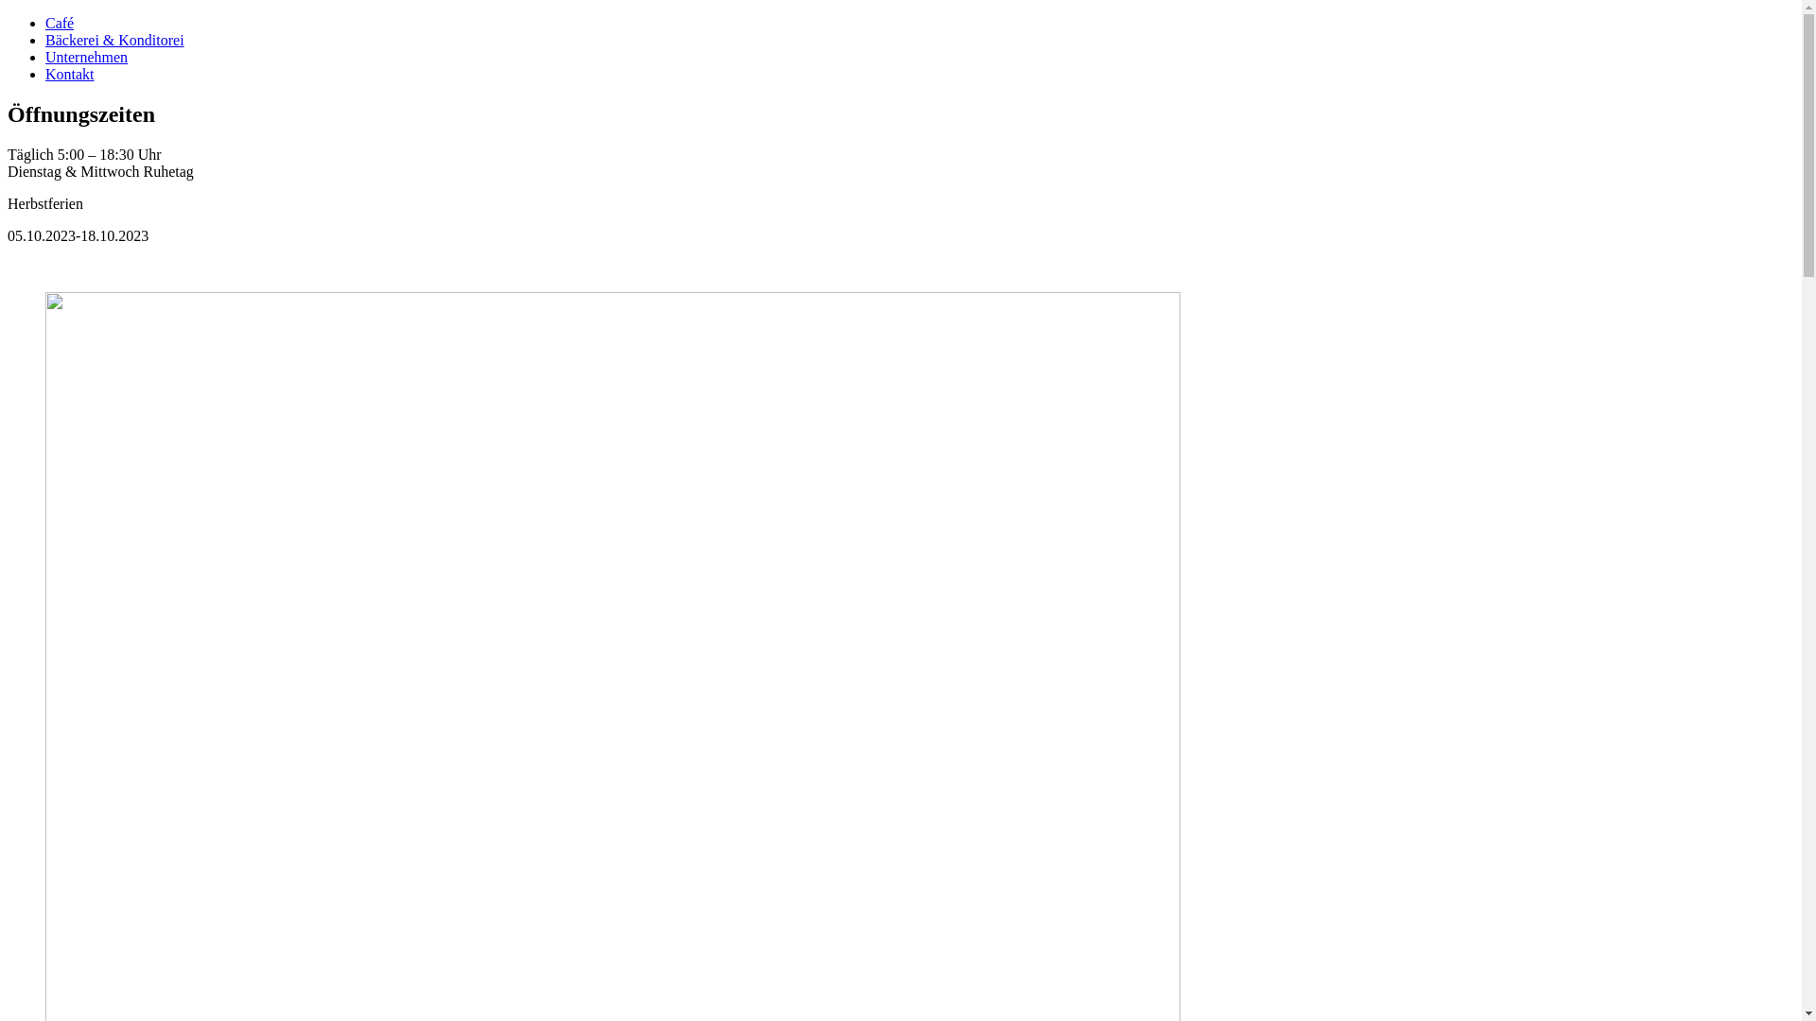 Image resolution: width=1816 pixels, height=1021 pixels. What do you see at coordinates (45, 73) in the screenshot?
I see `'Kontakt'` at bounding box center [45, 73].